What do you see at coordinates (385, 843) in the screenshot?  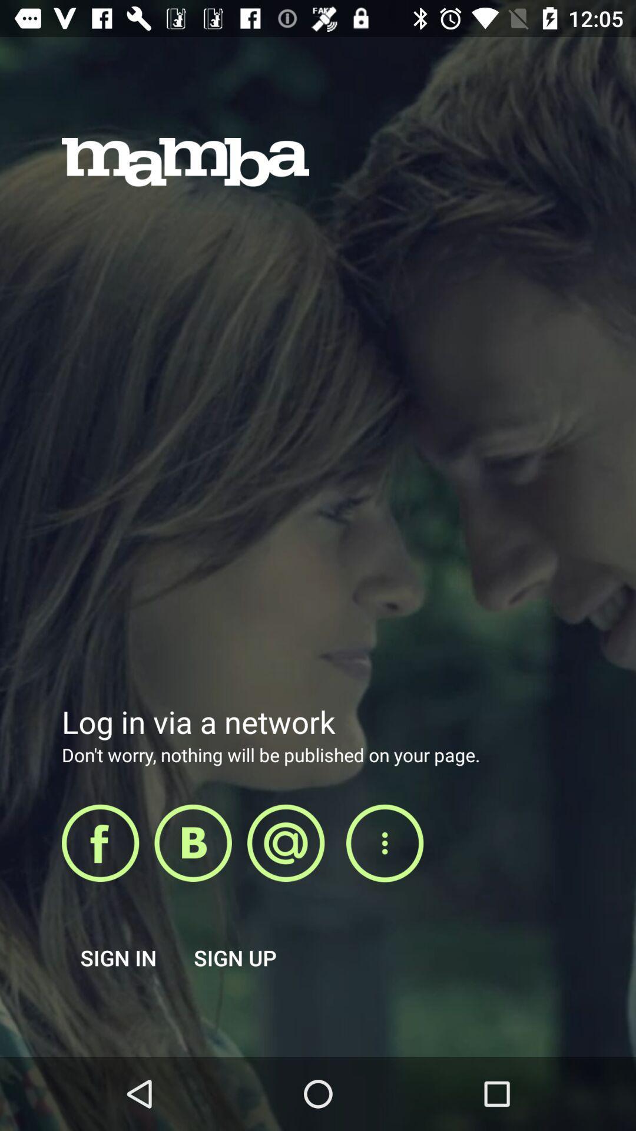 I see `more options` at bounding box center [385, 843].